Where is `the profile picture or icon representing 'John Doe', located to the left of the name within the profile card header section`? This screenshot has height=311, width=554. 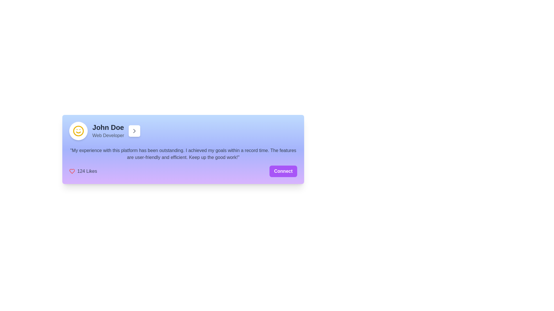 the profile picture or icon representing 'John Doe', located to the left of the name within the profile card header section is located at coordinates (78, 131).